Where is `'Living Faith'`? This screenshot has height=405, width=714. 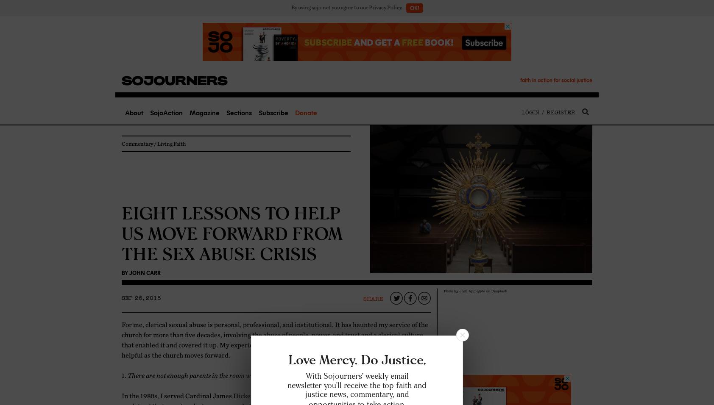 'Living Faith' is located at coordinates (171, 143).